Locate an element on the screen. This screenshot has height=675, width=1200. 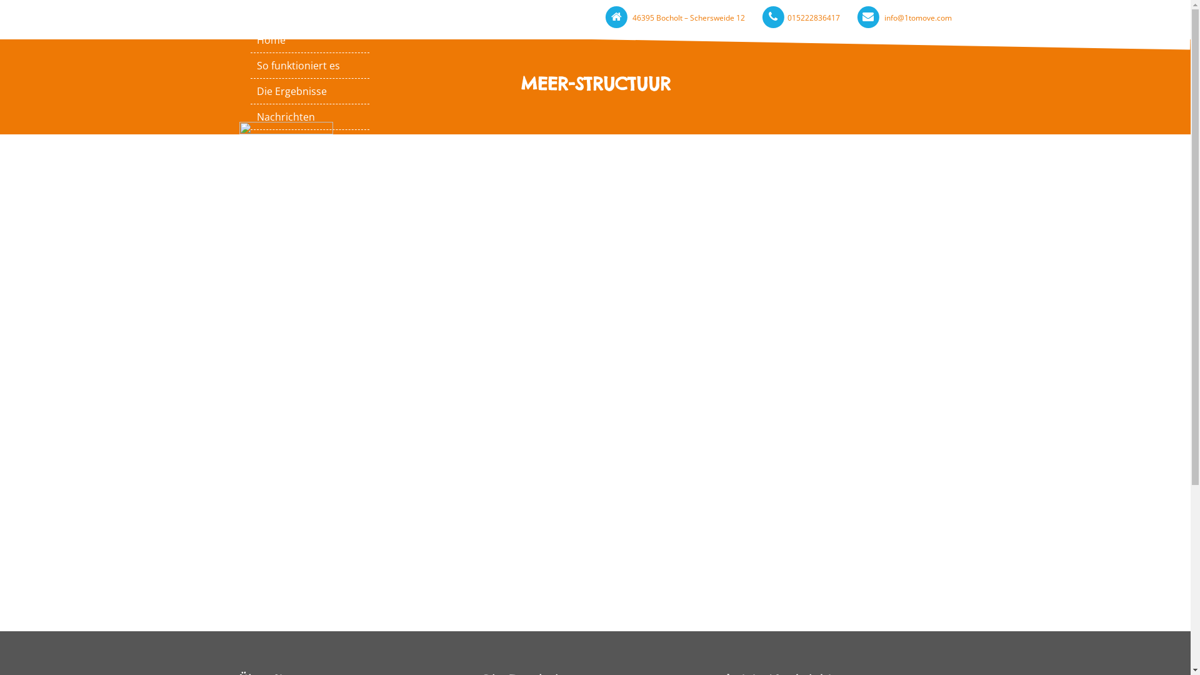
'So funktioniert es' is located at coordinates (309, 65).